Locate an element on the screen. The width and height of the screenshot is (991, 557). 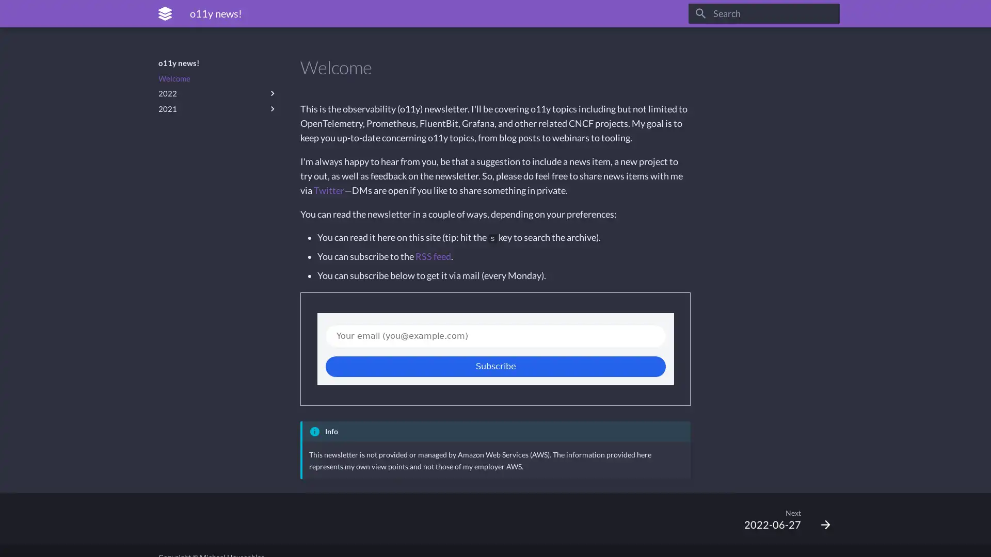
Clear is located at coordinates (827, 13).